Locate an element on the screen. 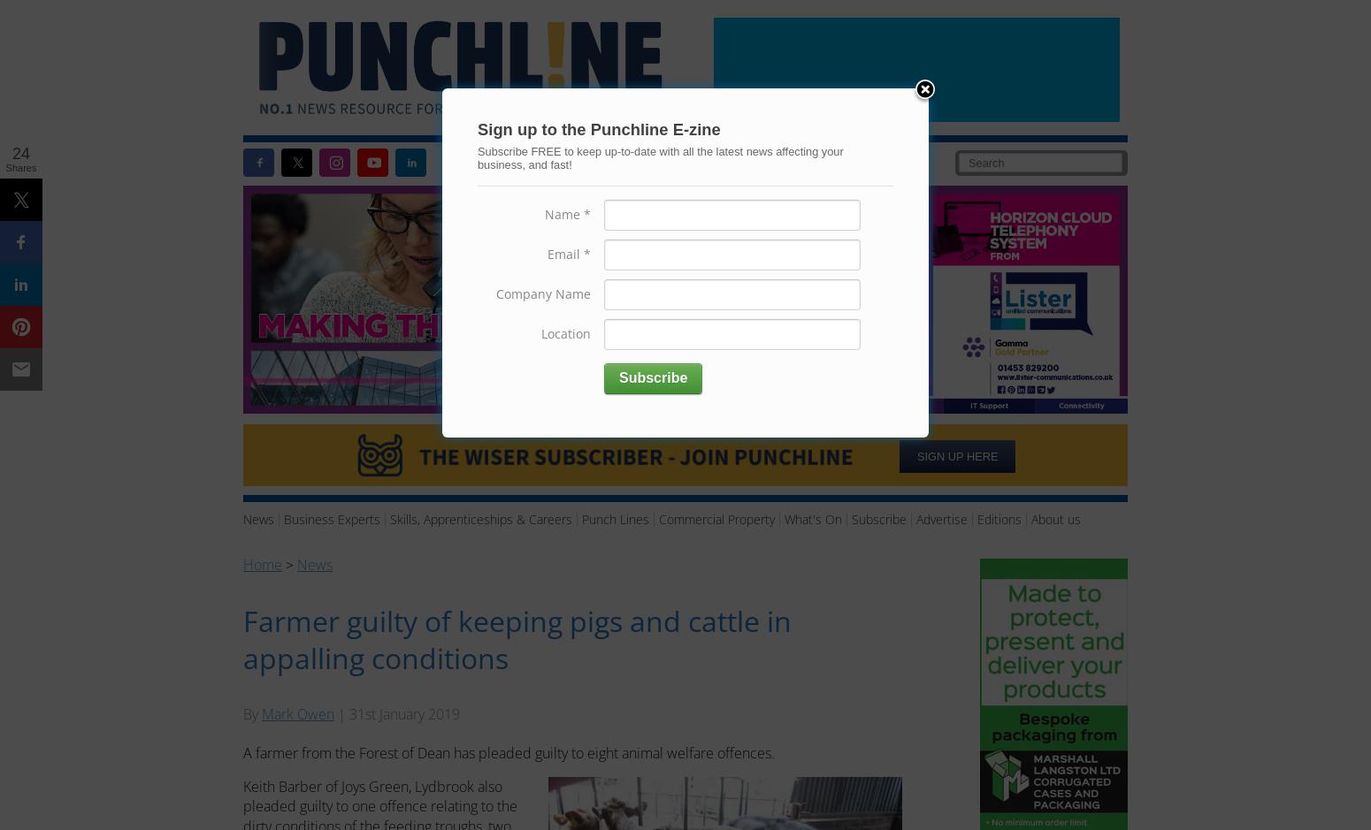 This screenshot has width=1371, height=830. 'Business Experts' is located at coordinates (331, 518).